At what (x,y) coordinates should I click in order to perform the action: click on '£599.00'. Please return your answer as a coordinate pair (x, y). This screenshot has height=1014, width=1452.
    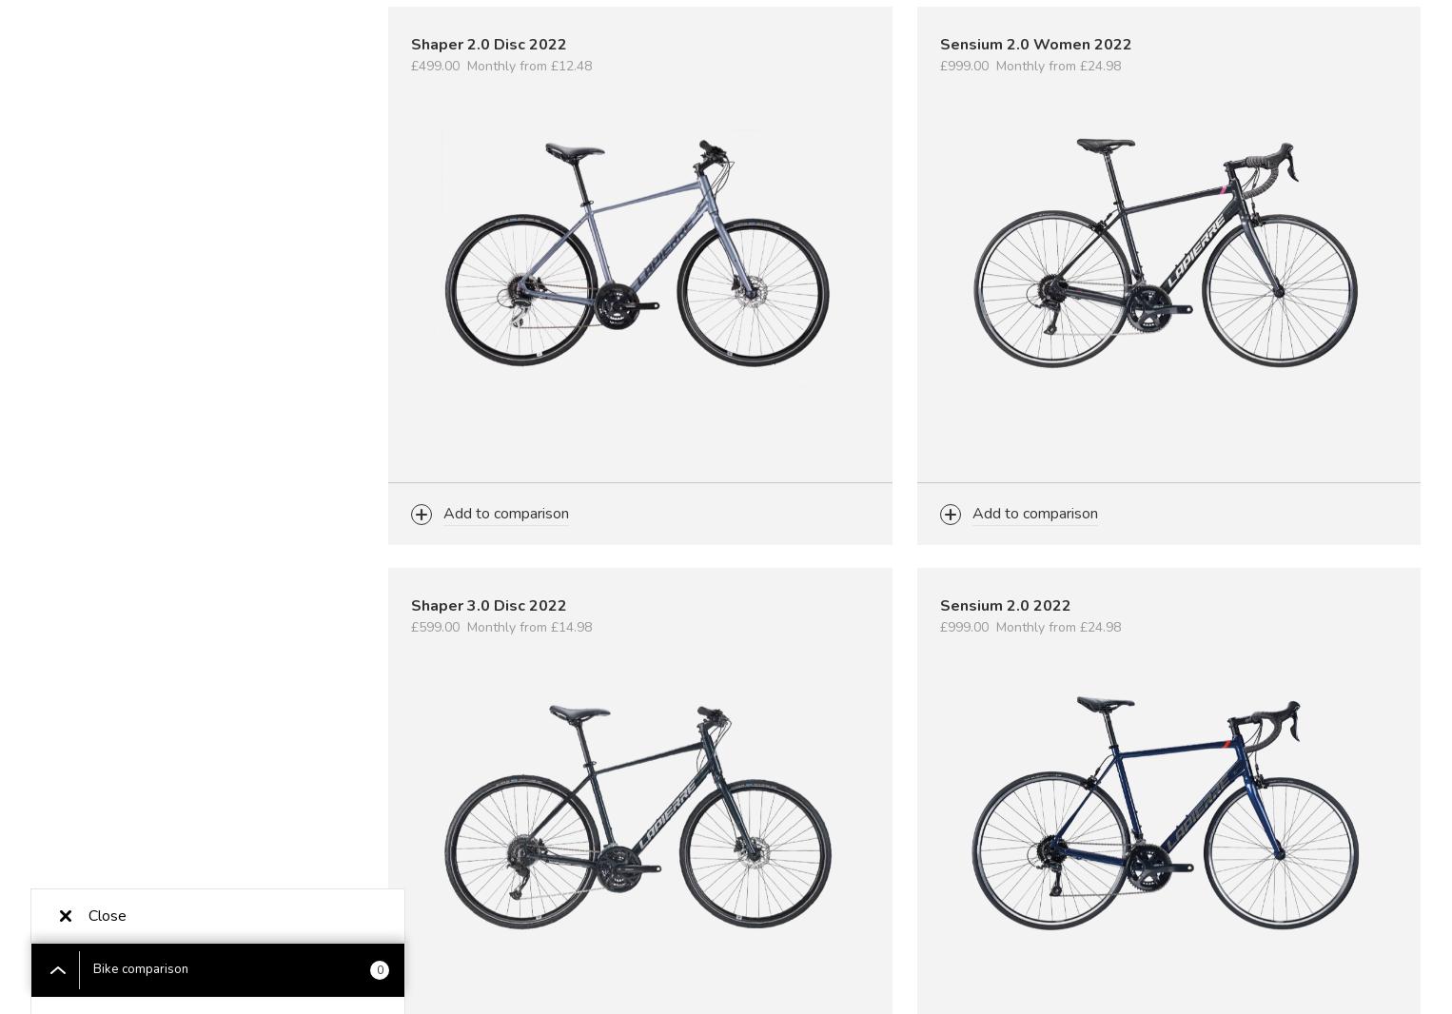
    Looking at the image, I should click on (434, 626).